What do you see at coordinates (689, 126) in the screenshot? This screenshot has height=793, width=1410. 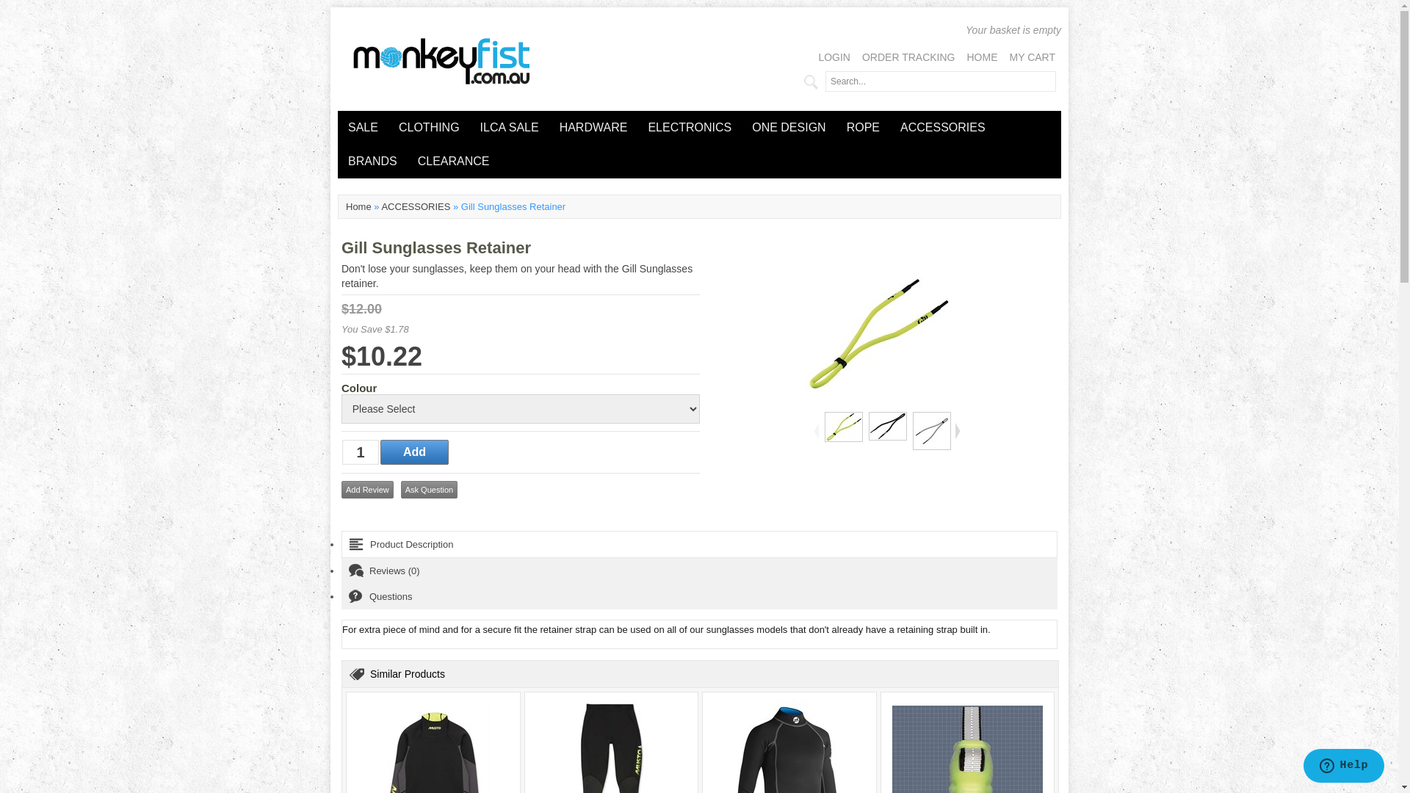 I see `'ELECTRONICS'` at bounding box center [689, 126].